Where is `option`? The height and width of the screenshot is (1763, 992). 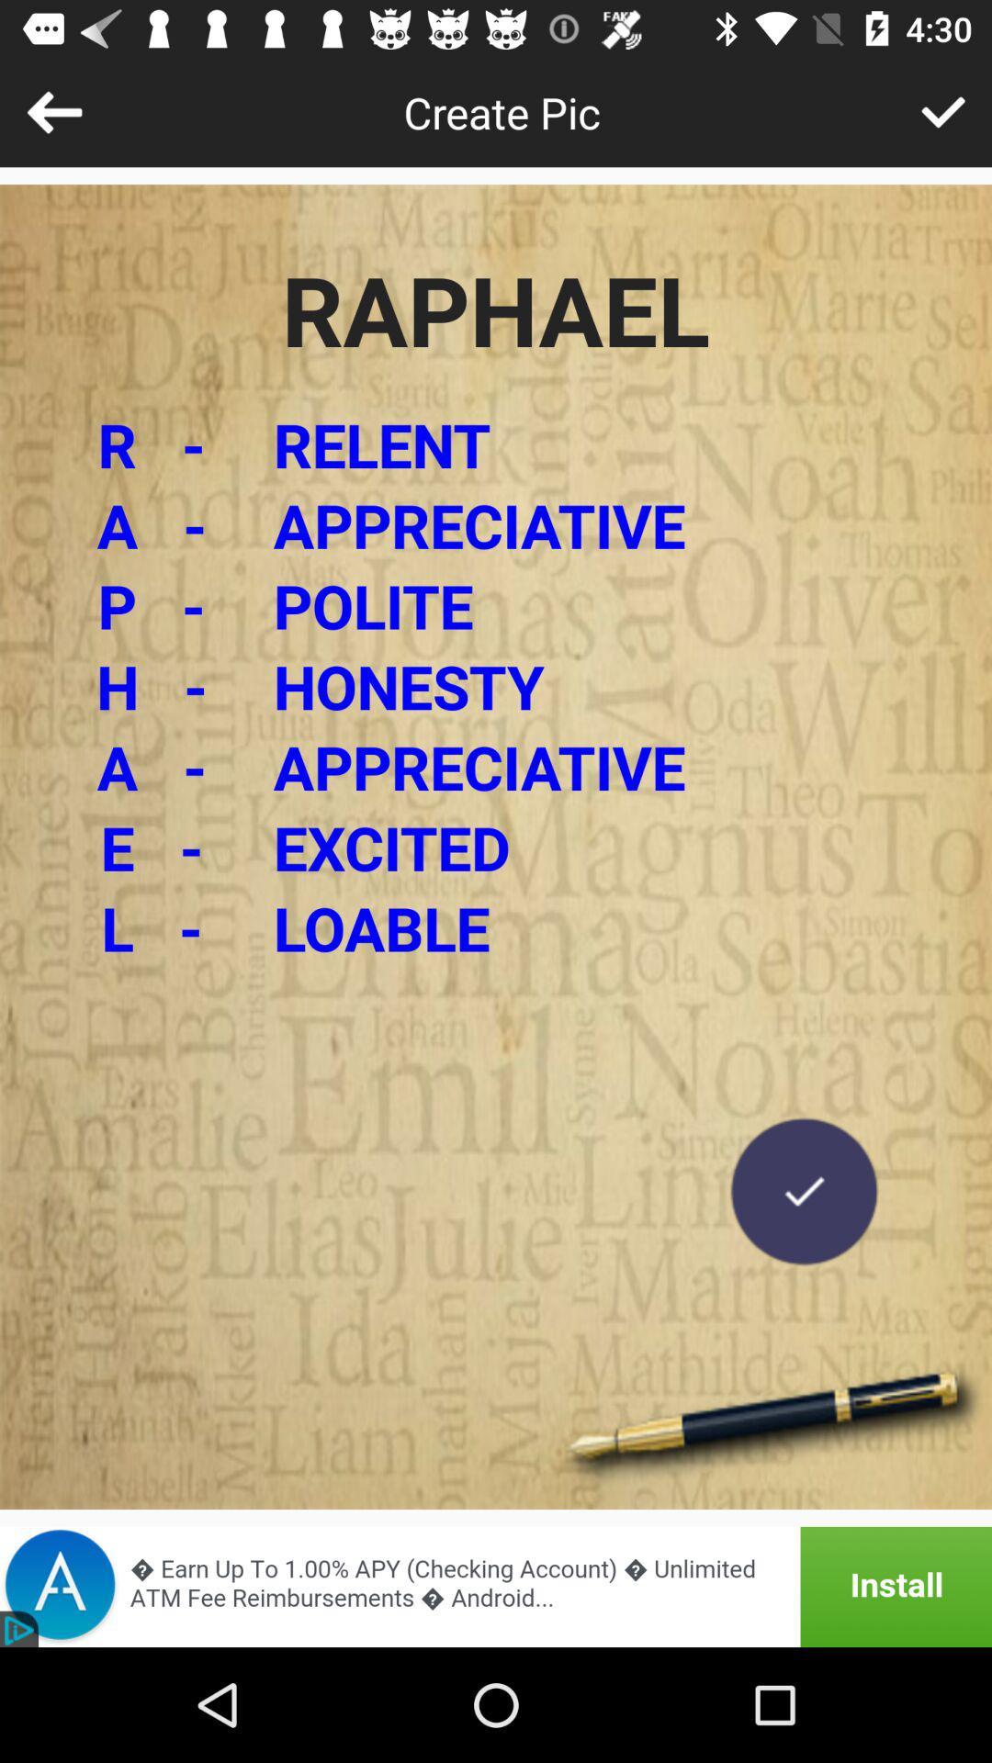 option is located at coordinates (803, 1191).